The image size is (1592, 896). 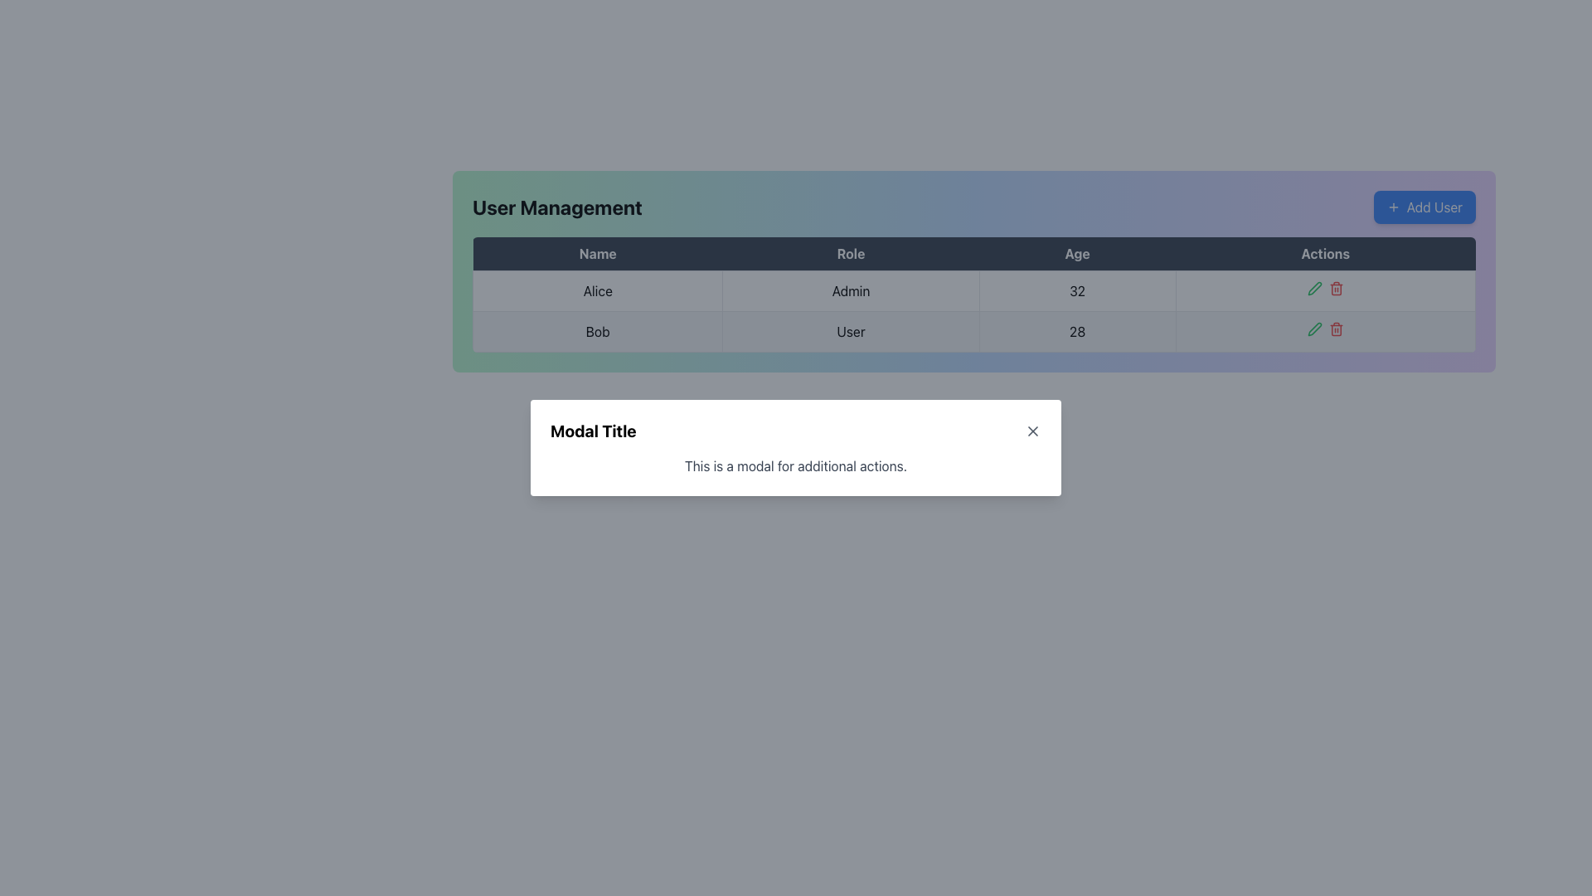 I want to click on descriptive text block located below the title 'Modal Title' in the central part of the modal's content area, so click(x=796, y=466).